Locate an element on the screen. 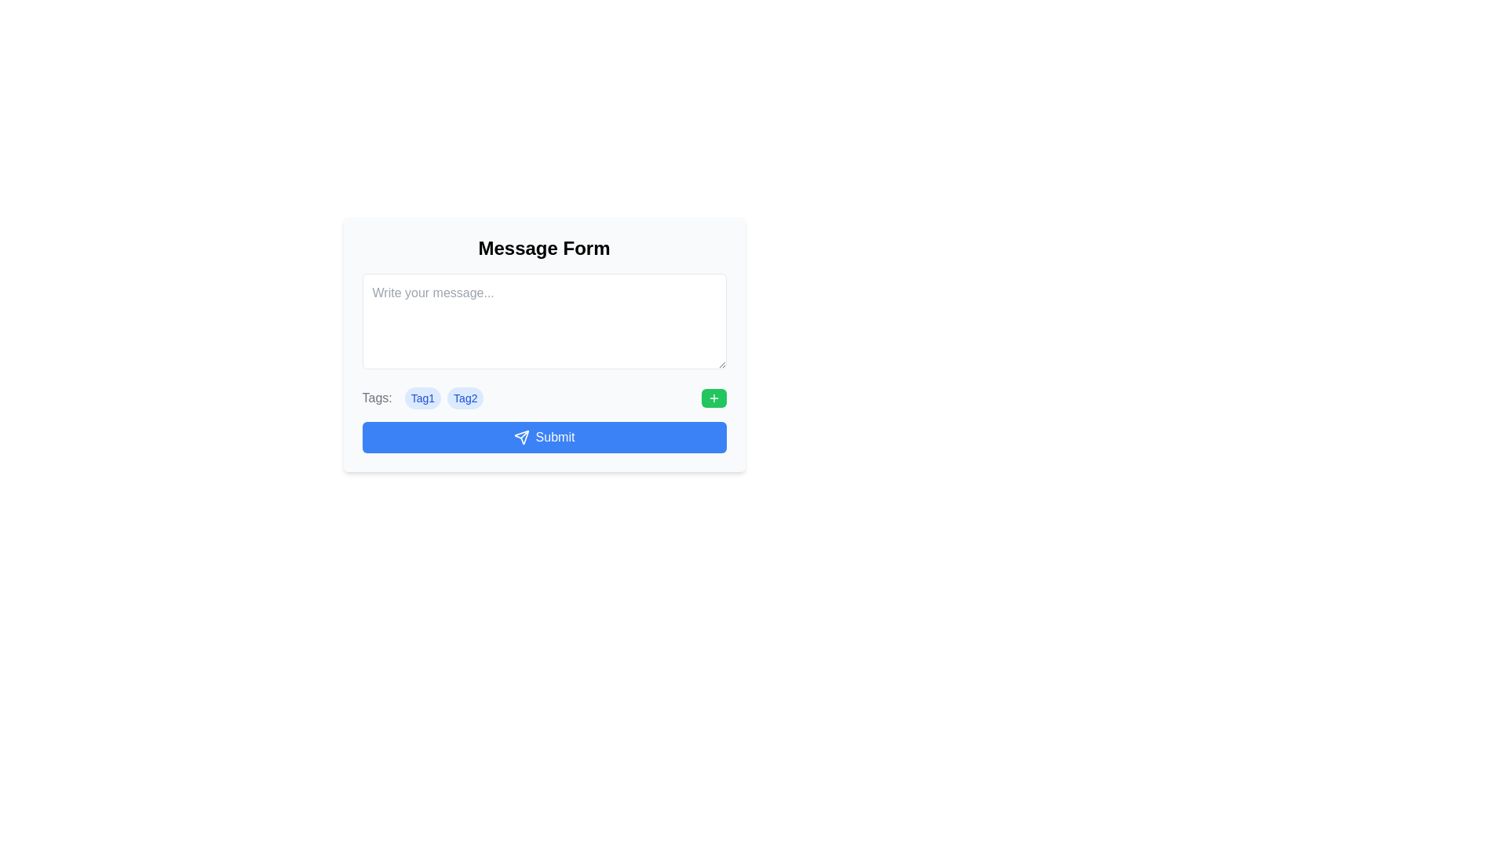 This screenshot has width=1507, height=847. the second tag displayed below the label 'Tags:', positioned immediately to the right of 'Tag1' is located at coordinates (465, 398).